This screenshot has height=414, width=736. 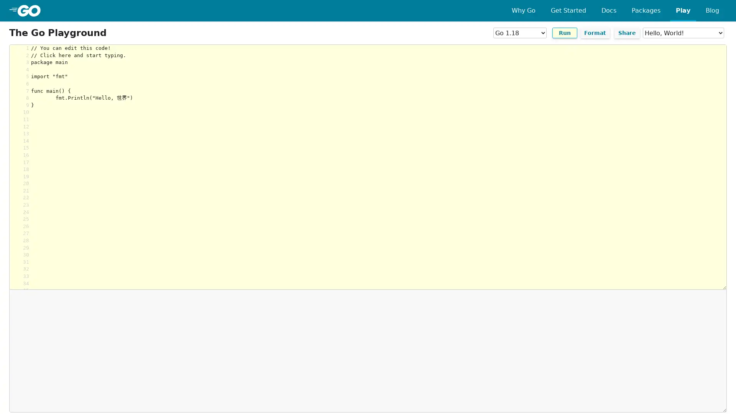 I want to click on Run, so click(x=565, y=32).